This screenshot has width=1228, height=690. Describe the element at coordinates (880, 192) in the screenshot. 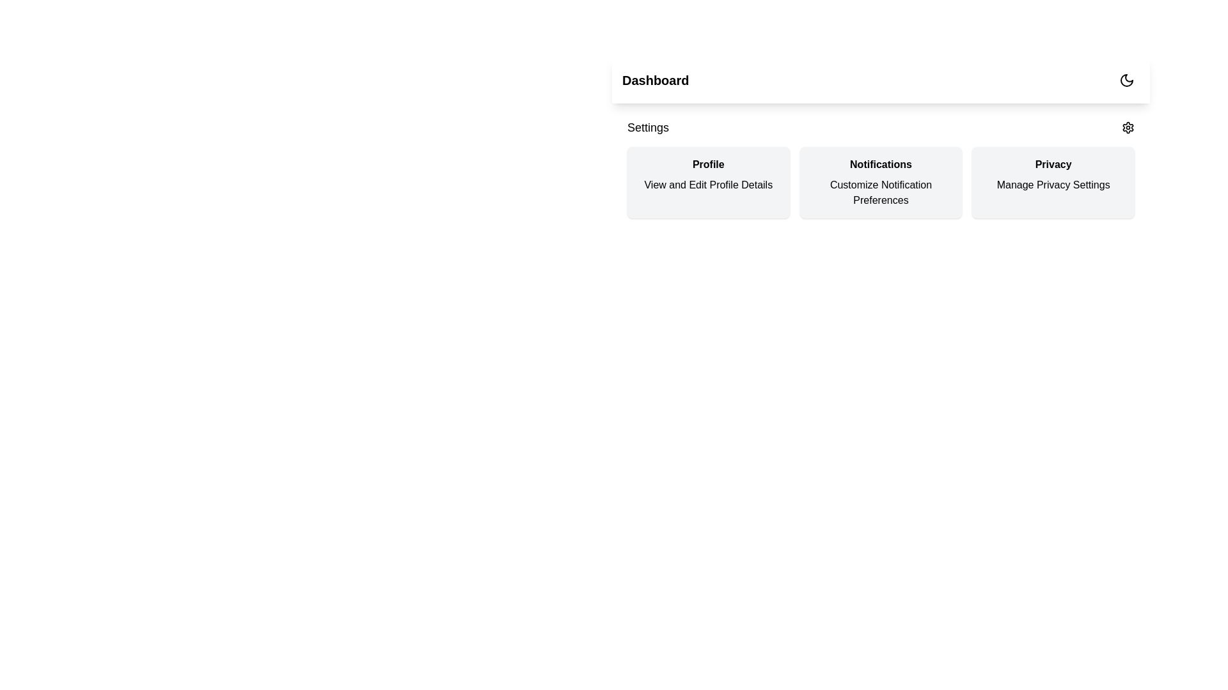

I see `the informative subtitle text label that provides guidance on notification customization options, located beneath the 'Notifications' header in the card layout` at that location.